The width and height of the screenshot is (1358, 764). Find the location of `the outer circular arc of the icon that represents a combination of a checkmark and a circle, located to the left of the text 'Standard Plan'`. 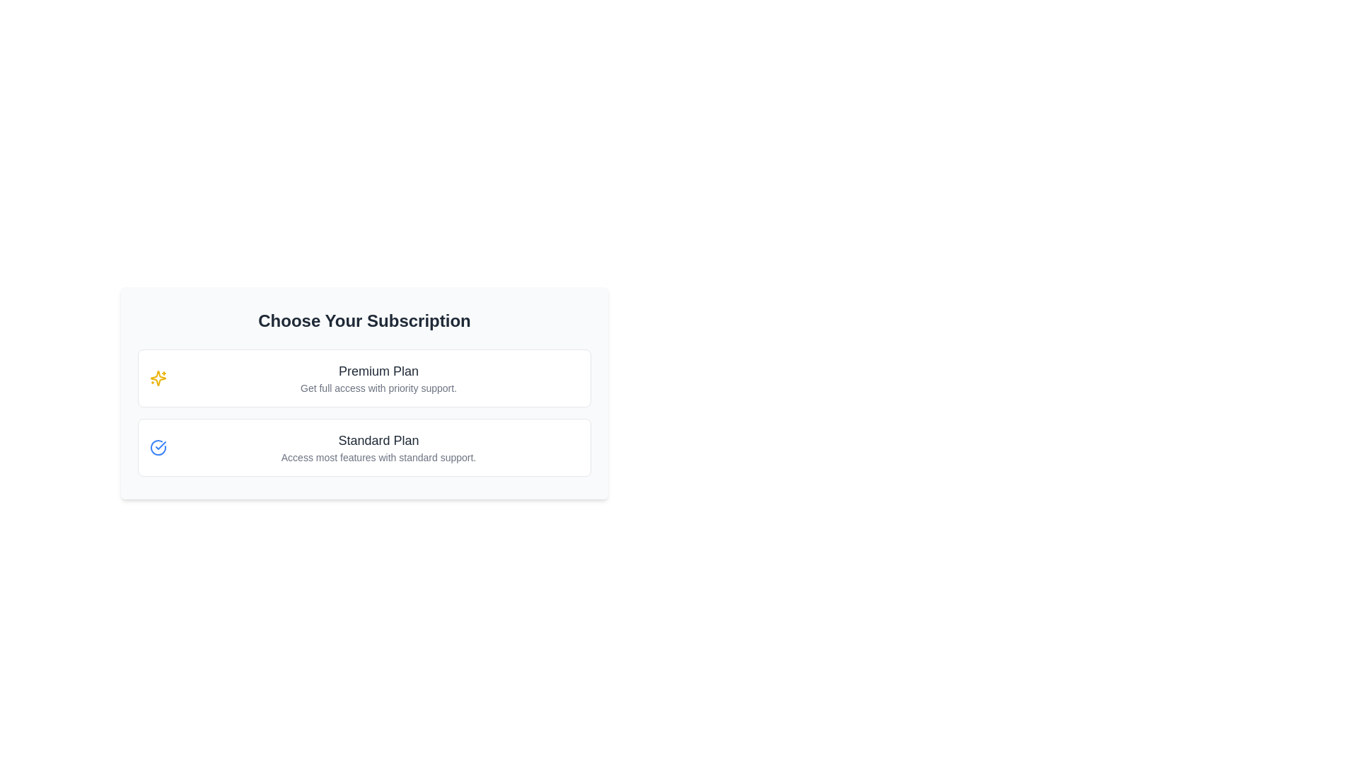

the outer circular arc of the icon that represents a combination of a checkmark and a circle, located to the left of the text 'Standard Plan' is located at coordinates (158, 447).